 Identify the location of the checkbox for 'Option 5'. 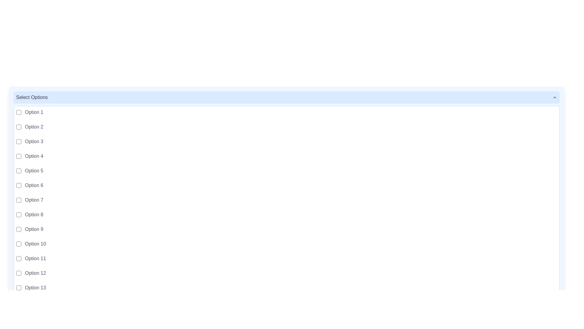
(19, 171).